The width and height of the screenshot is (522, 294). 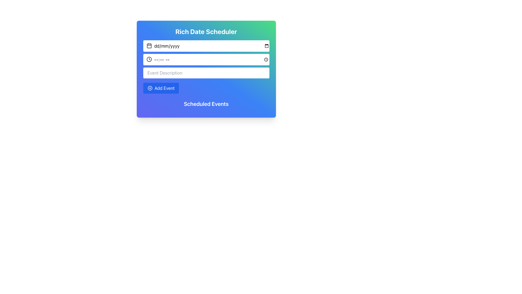 What do you see at coordinates (149, 45) in the screenshot?
I see `the SVG rectangle with rounded corners that is part of the calendar icon located to the left of the first input field in the 'Rich Date Scheduler' card` at bounding box center [149, 45].